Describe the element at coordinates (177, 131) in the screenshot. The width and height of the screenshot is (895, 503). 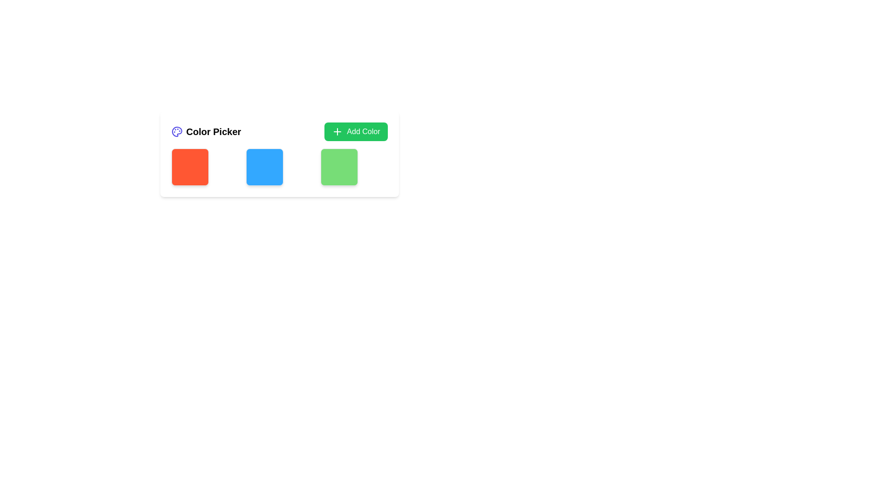
I see `the circular color palette icon with a purple outline and multiple small circles, located to the left of the 'Color Picker' text` at that location.